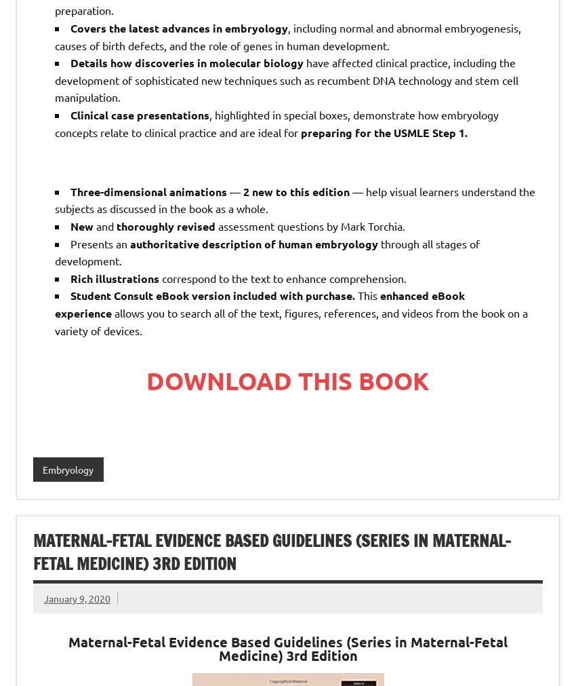 The width and height of the screenshot is (576, 686). What do you see at coordinates (100, 242) in the screenshot?
I see `'Presents an'` at bounding box center [100, 242].